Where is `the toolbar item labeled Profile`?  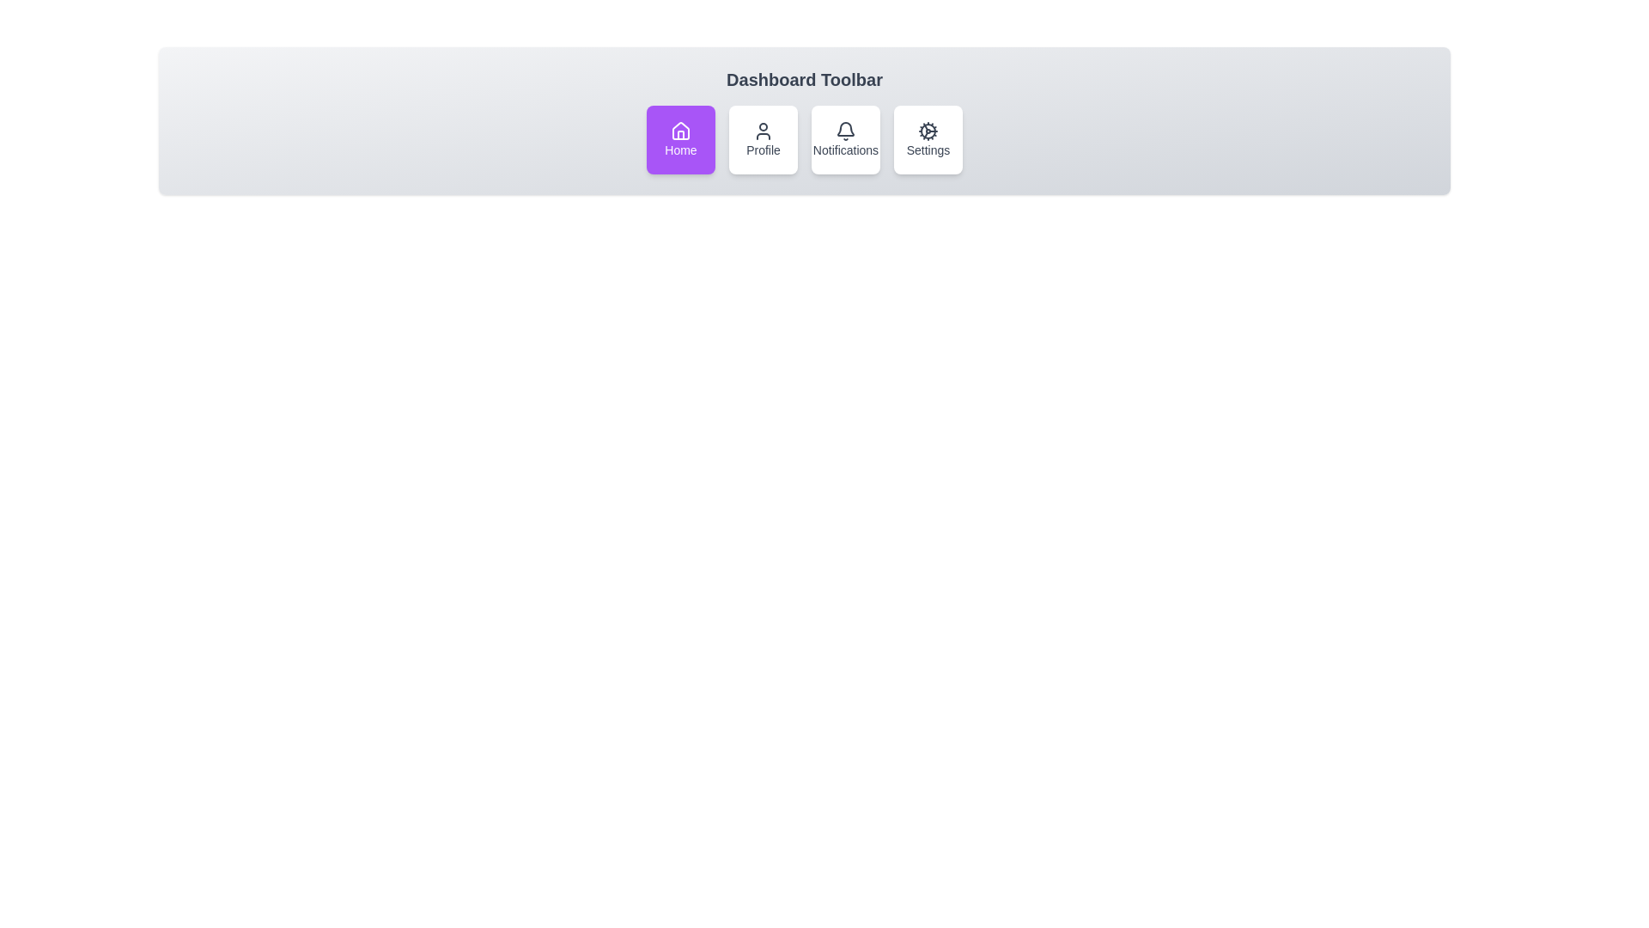
the toolbar item labeled Profile is located at coordinates (762, 138).